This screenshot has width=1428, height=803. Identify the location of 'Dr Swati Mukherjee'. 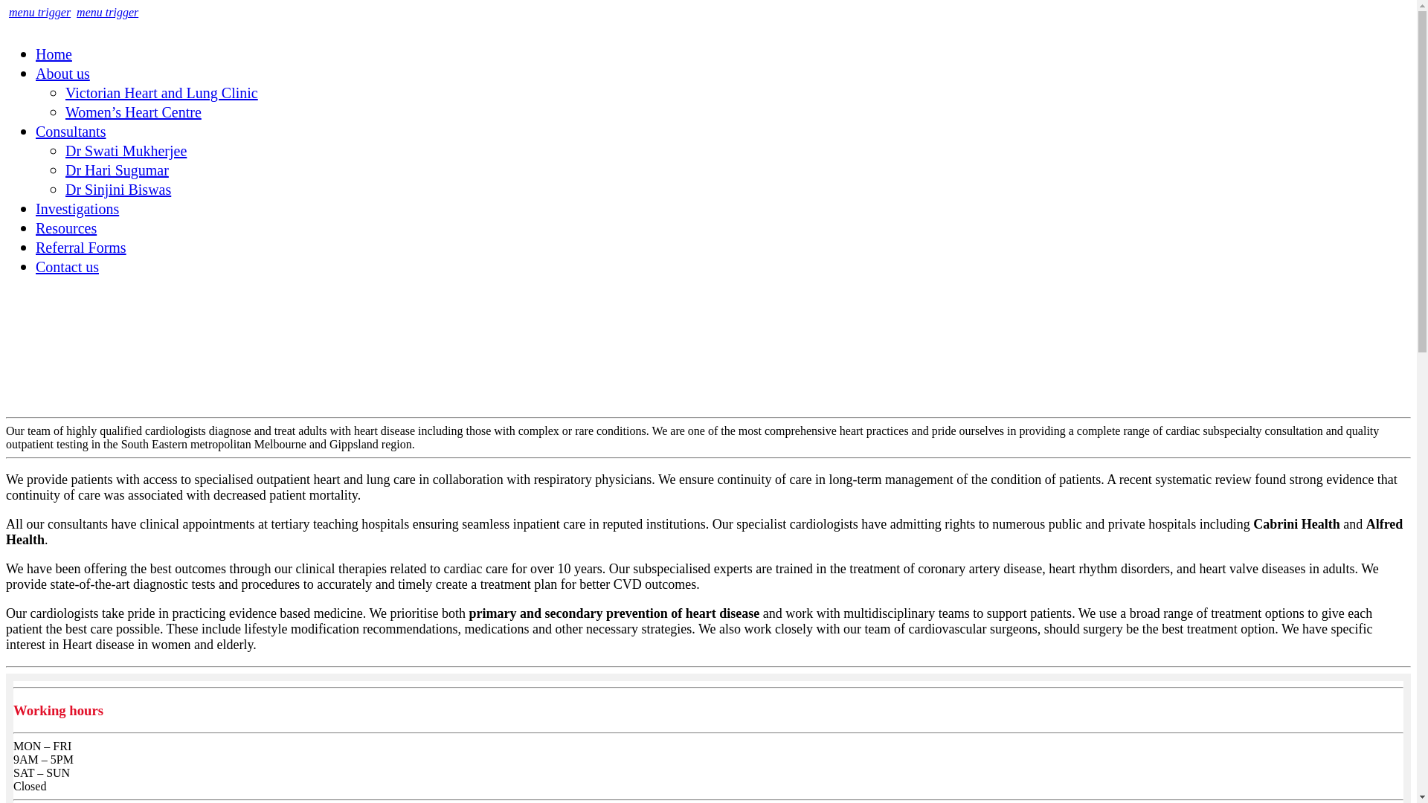
(126, 151).